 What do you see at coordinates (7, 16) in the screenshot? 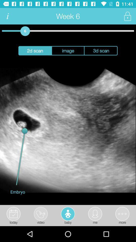
I see `the item next to the week 6 item` at bounding box center [7, 16].